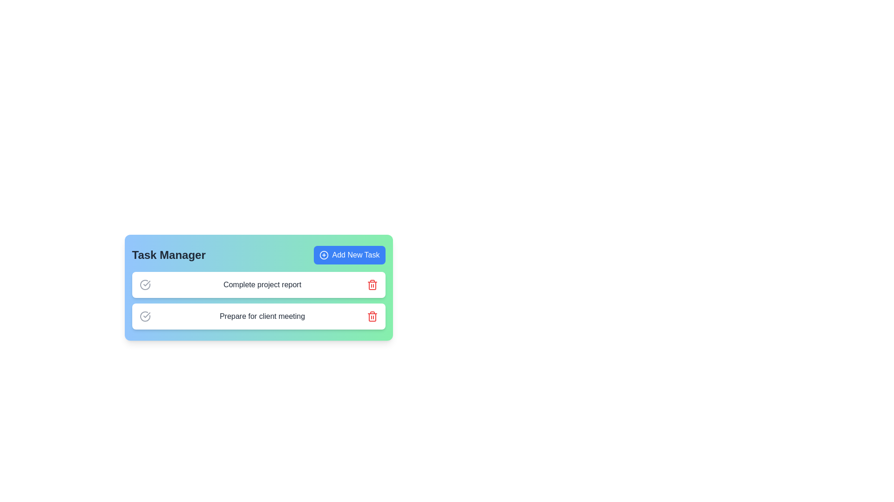 This screenshot has width=894, height=502. What do you see at coordinates (262, 284) in the screenshot?
I see `the text label that provides descriptive information about the task` at bounding box center [262, 284].